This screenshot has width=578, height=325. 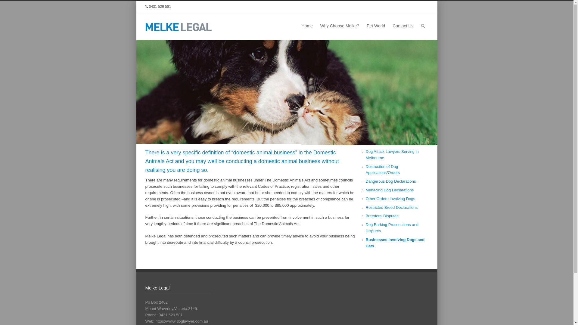 What do you see at coordinates (181, 321) in the screenshot?
I see `'https://www.doglawyer.com.au'` at bounding box center [181, 321].